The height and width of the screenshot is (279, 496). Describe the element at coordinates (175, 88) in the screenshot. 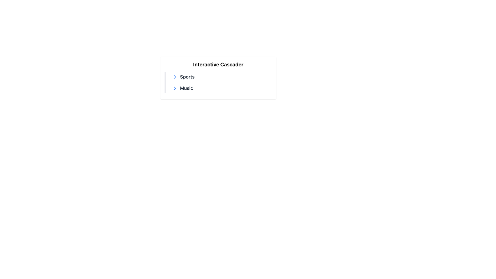

I see `the rightward chevron arrow icon, which is a blue arrow pointing to the right` at that location.